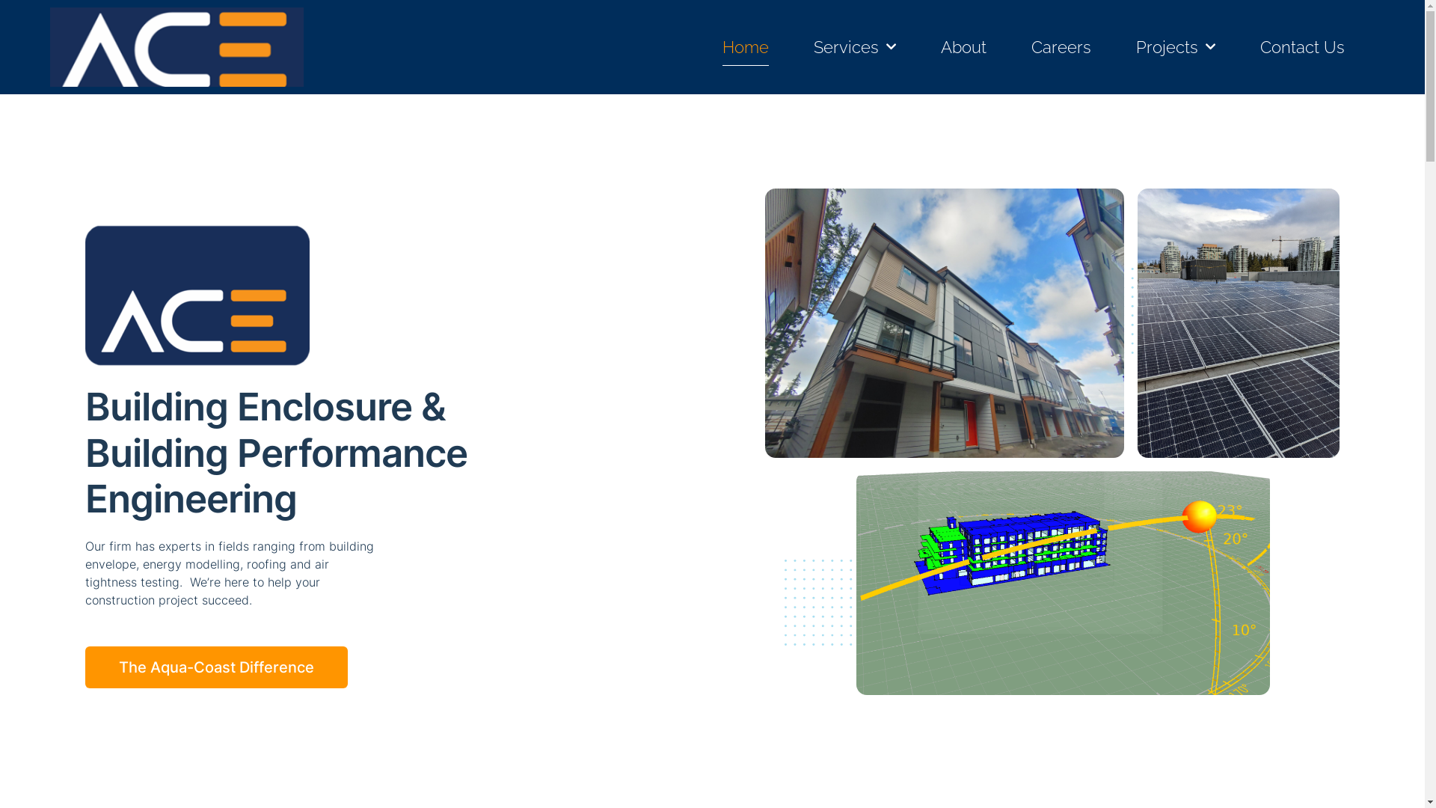 This screenshot has height=808, width=1436. I want to click on 'Logo aug 2022 v2', so click(176, 46).